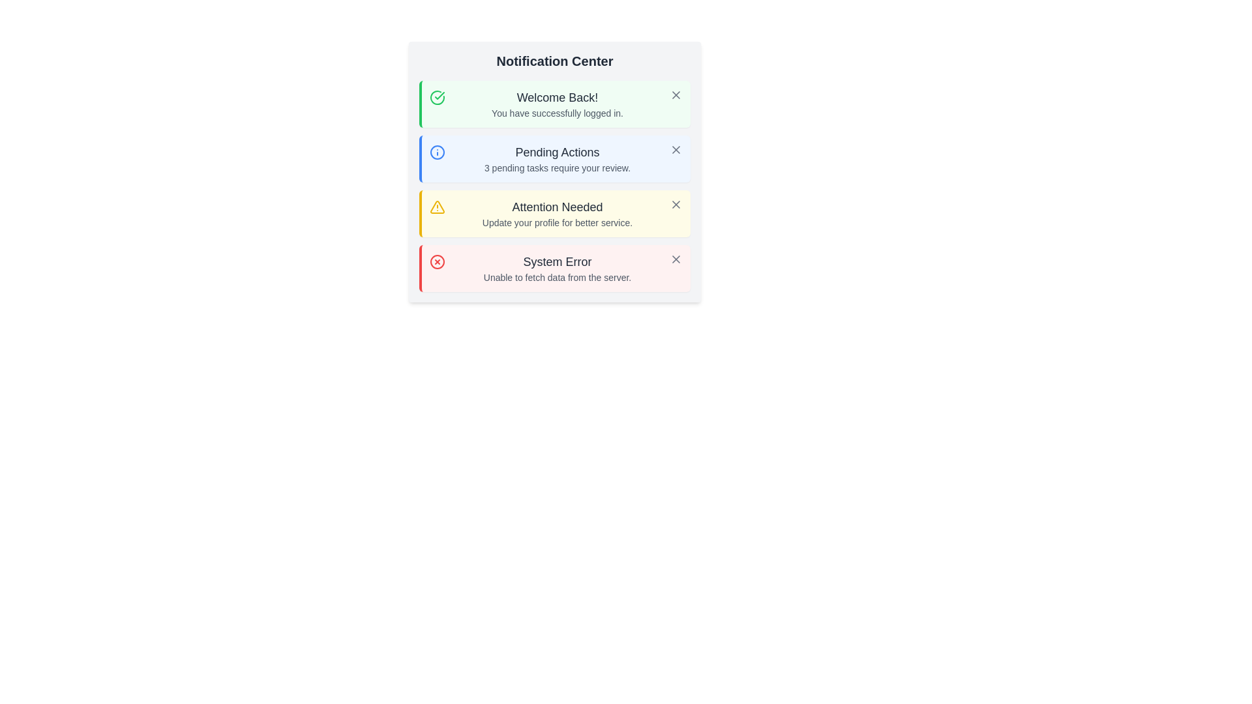 This screenshot has width=1252, height=704. I want to click on the error icon located in the bottom-left corner of the 'System Error' notification block, adjacent to the text 'System Error' and 'Unable to fetch data from the server.', so click(438, 261).